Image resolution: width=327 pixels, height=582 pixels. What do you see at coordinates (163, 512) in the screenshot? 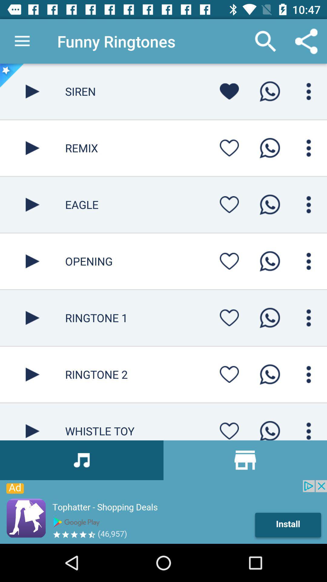
I see `visit advertisement` at bounding box center [163, 512].